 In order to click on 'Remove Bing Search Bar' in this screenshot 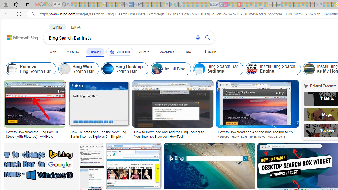, I will do `click(31, 69)`.